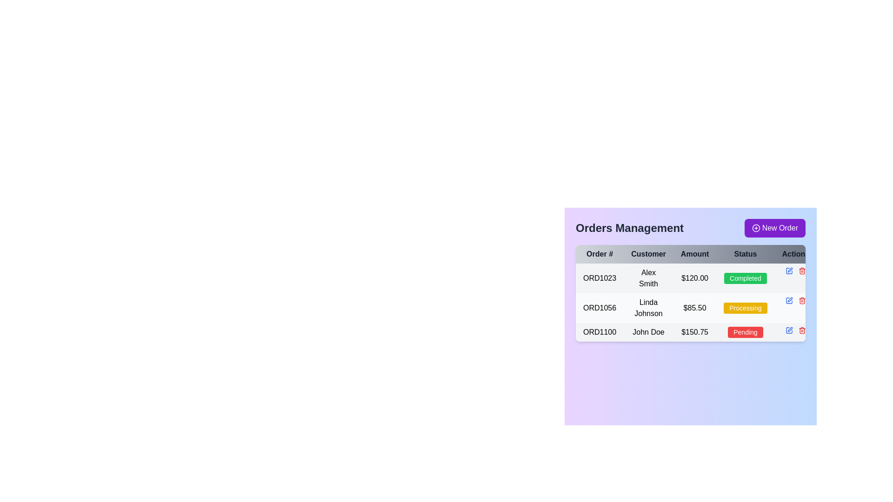 The width and height of the screenshot is (893, 502). What do you see at coordinates (795, 254) in the screenshot?
I see `the 'Actions' label, which displays bold black text on a dark gray background, located at the top-right corner of the table structure` at bounding box center [795, 254].